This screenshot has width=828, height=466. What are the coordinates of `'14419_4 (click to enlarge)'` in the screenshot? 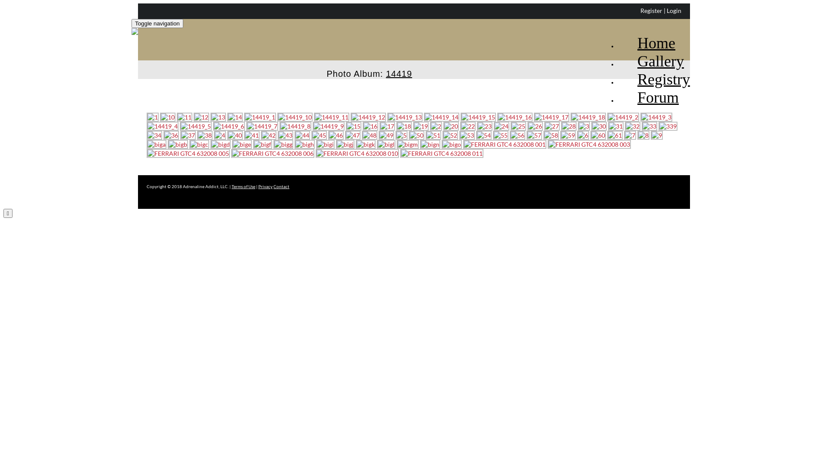 It's located at (163, 126).